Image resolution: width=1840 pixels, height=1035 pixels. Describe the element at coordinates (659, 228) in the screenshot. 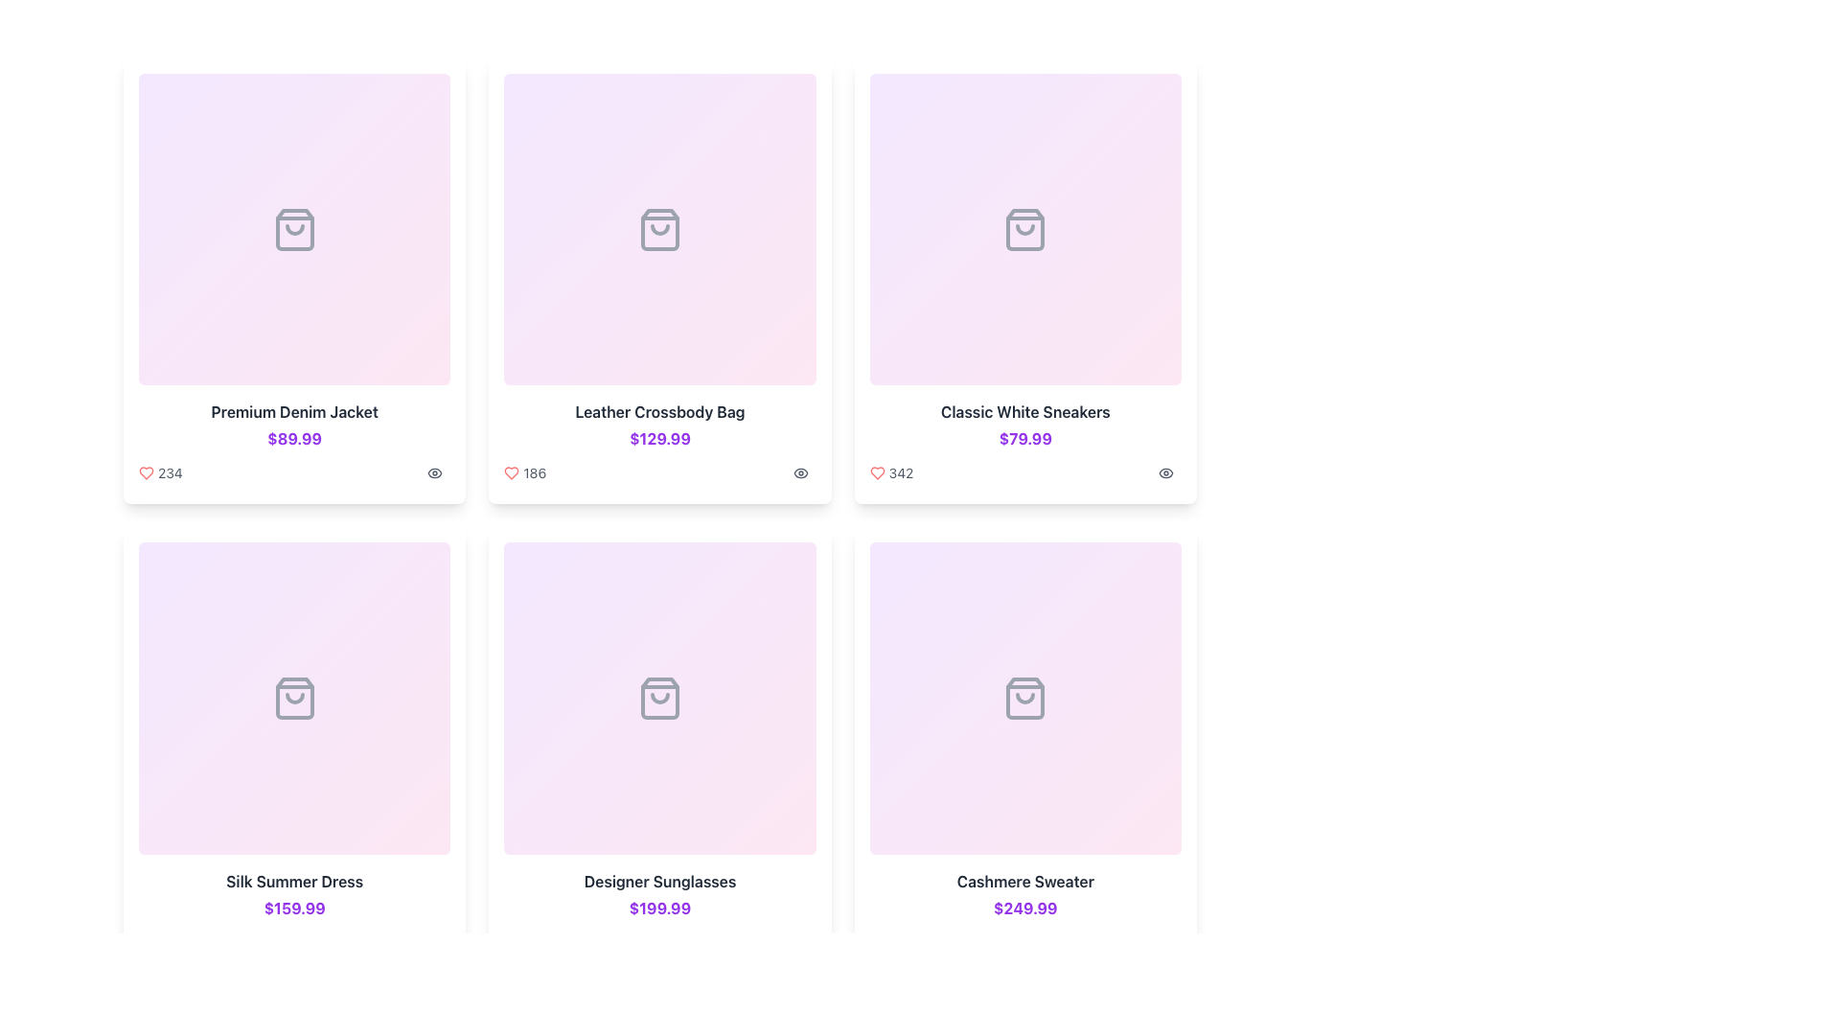

I see `the decorative icon resembling a shopping bag in the upper section of the card for the 'Leather Crossbody Bag' priced at '$129.99'` at that location.